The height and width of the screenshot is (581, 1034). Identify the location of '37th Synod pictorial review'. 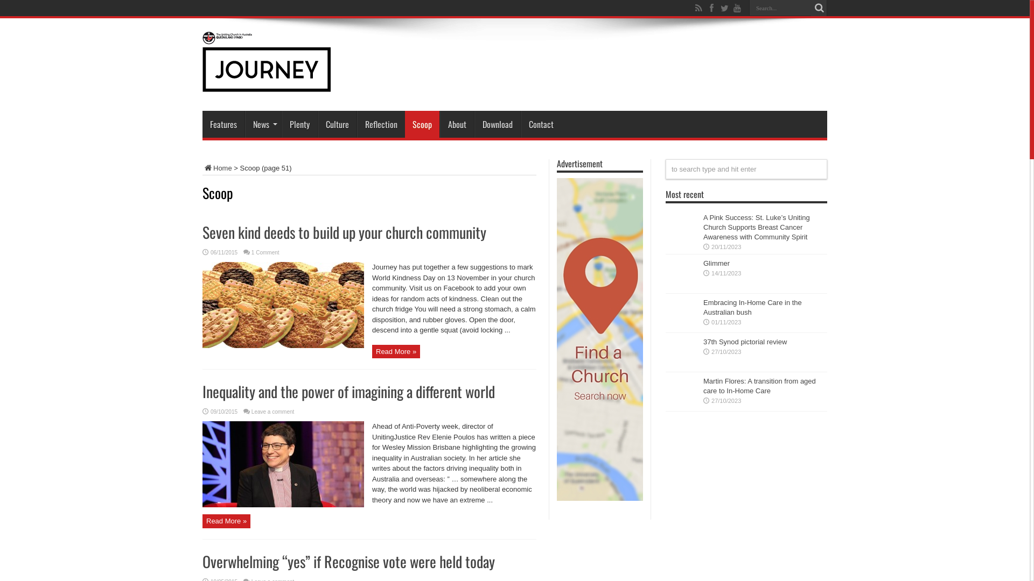
(703, 342).